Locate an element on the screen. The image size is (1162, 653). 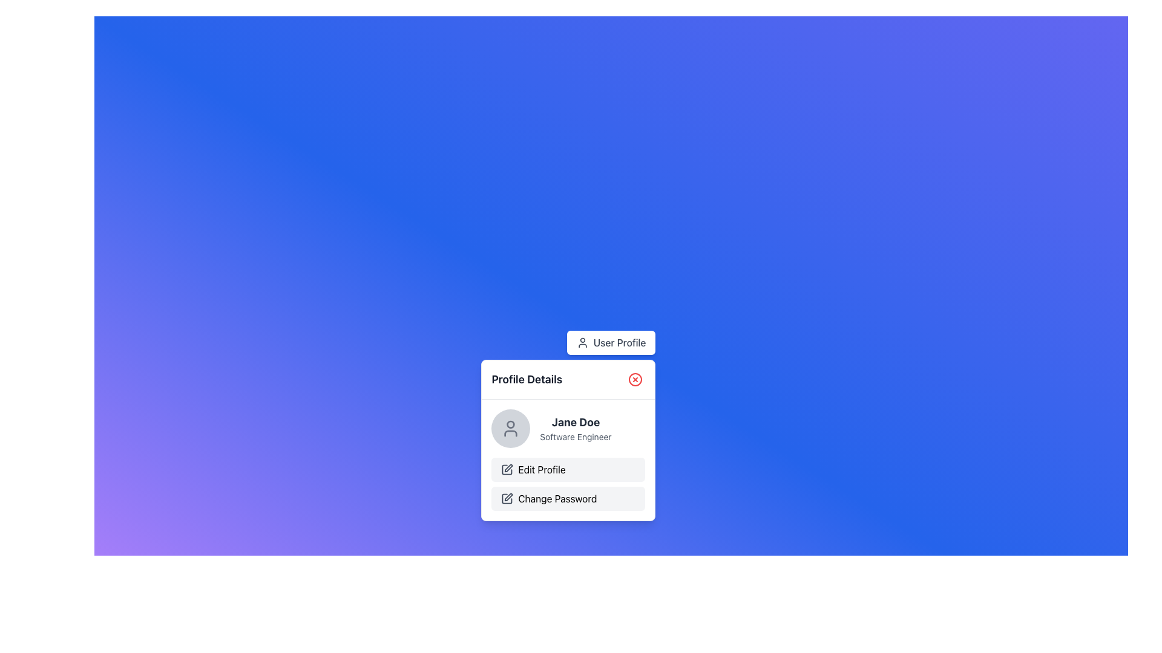
the square-shaped icon featuring a pencil symbol that is part of the 'Edit Profile' button in the profile details section is located at coordinates (507, 469).